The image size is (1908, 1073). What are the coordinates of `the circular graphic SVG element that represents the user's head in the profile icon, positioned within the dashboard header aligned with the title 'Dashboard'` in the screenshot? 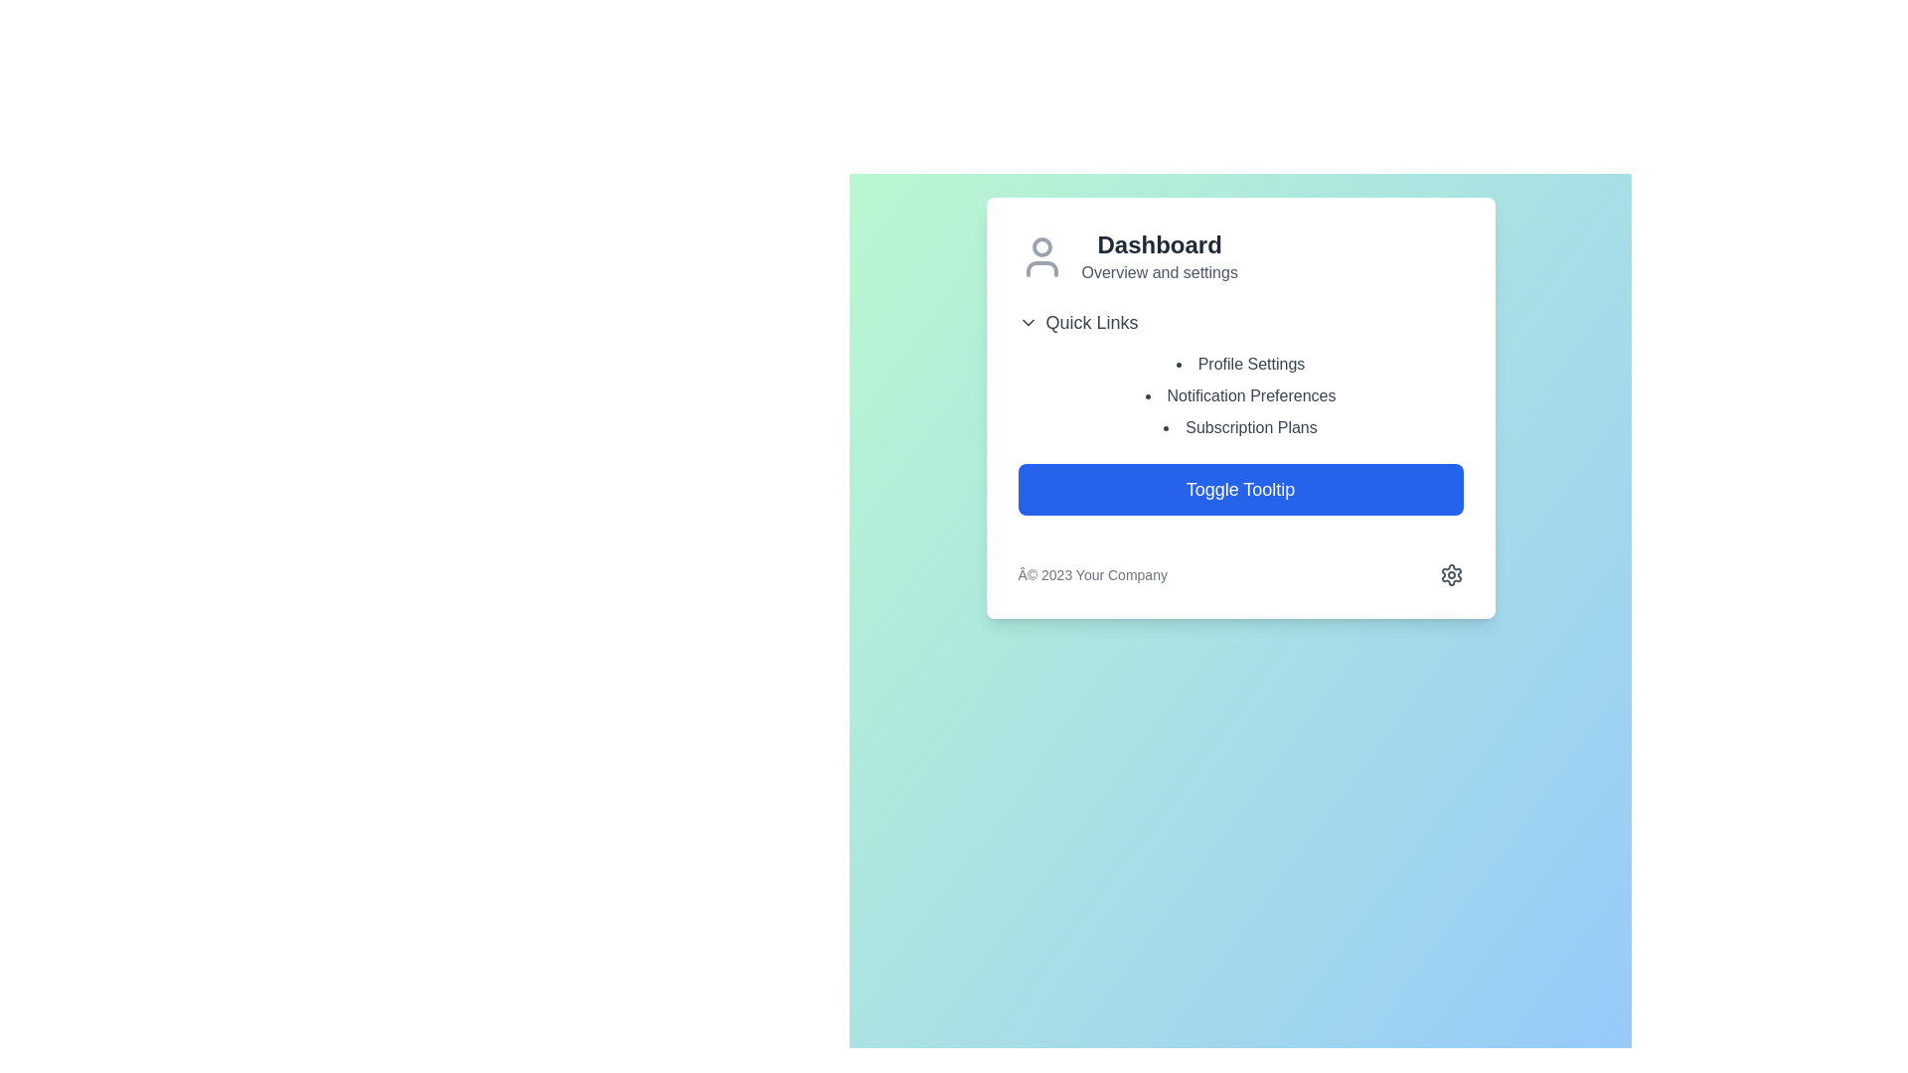 It's located at (1040, 246).